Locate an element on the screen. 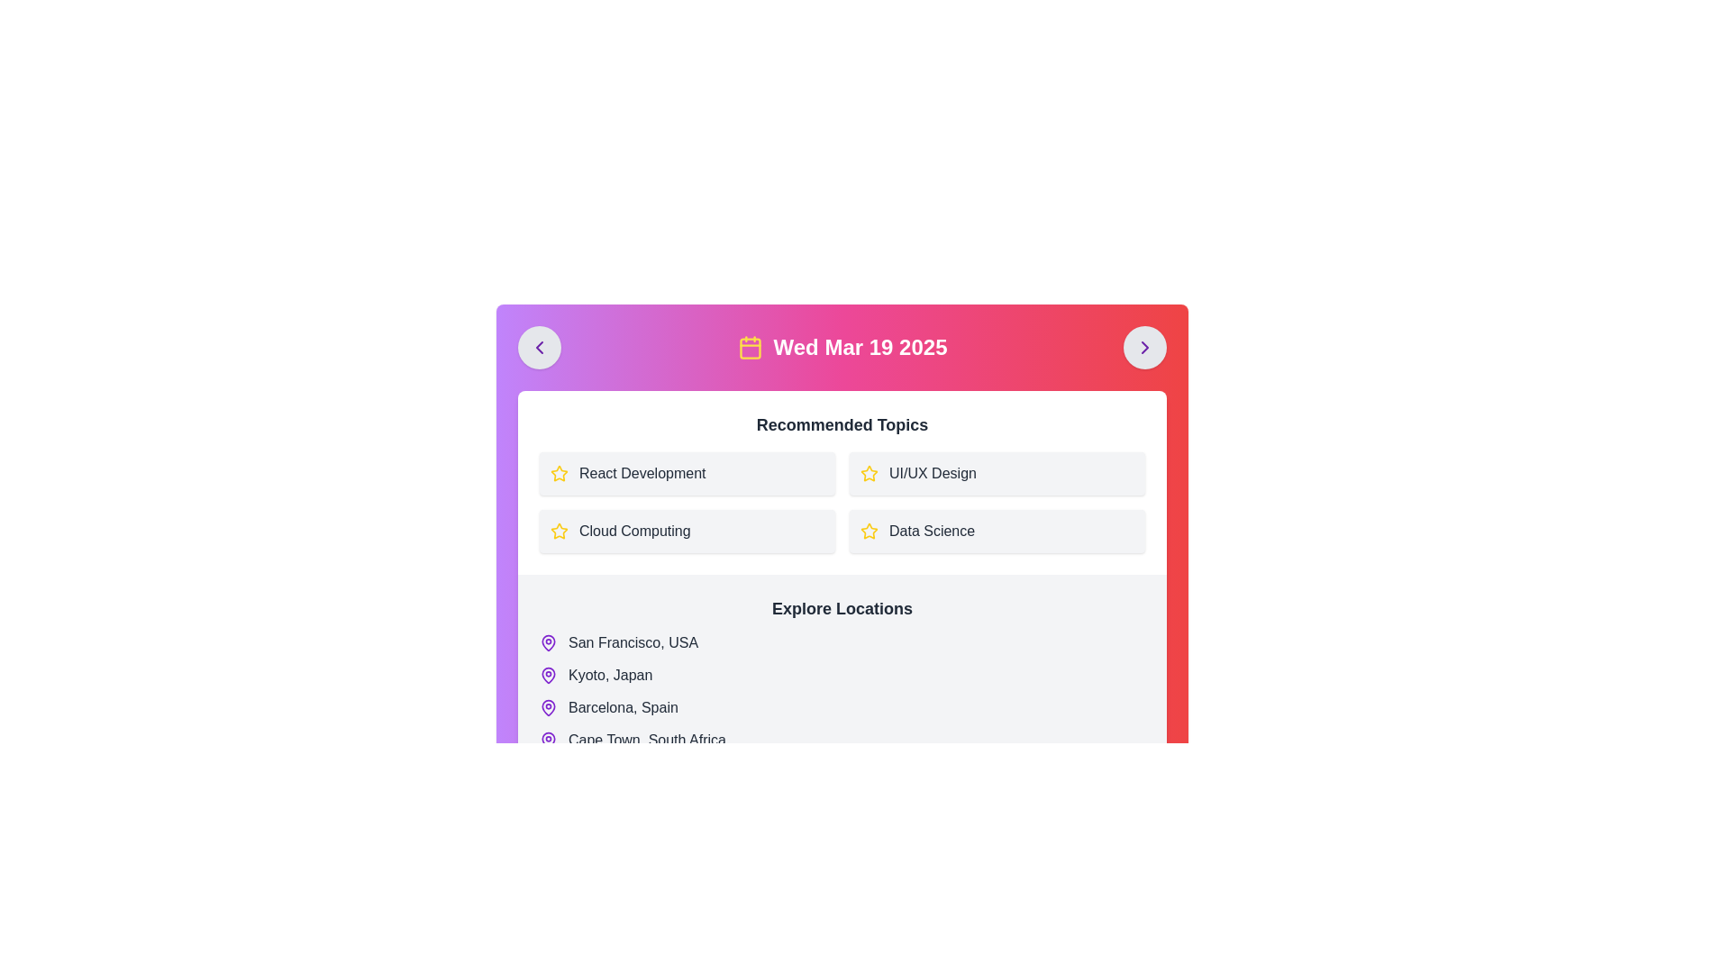  text of the 'UI/UX Design' label, which is a gray text label located in the second box of the 'Recommended Topics' grid, adjacent to a yellow star icon is located at coordinates (933, 472).